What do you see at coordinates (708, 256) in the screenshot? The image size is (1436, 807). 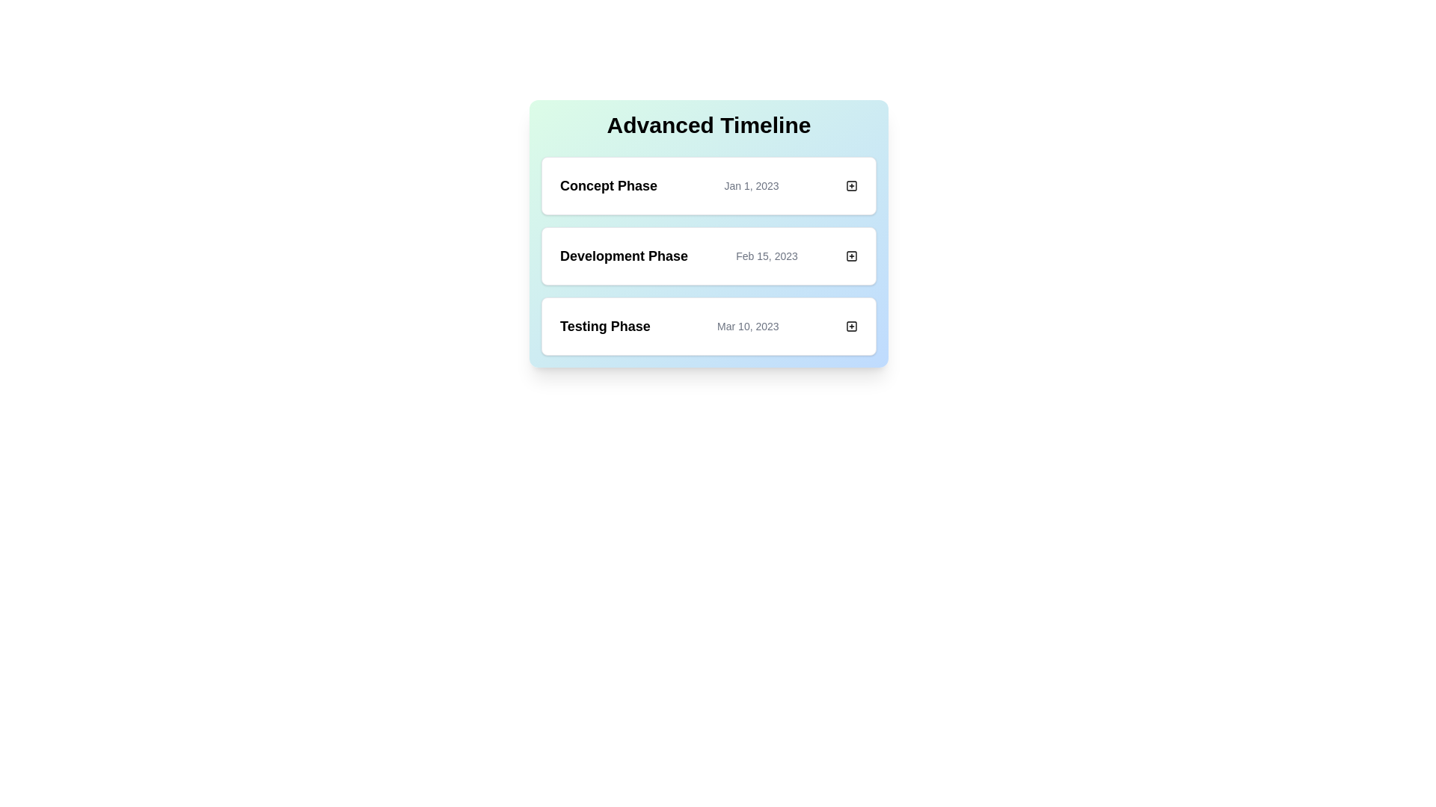 I see `information presented in the 'Development Phase' Timeline Segment, which includes the title and date details` at bounding box center [708, 256].